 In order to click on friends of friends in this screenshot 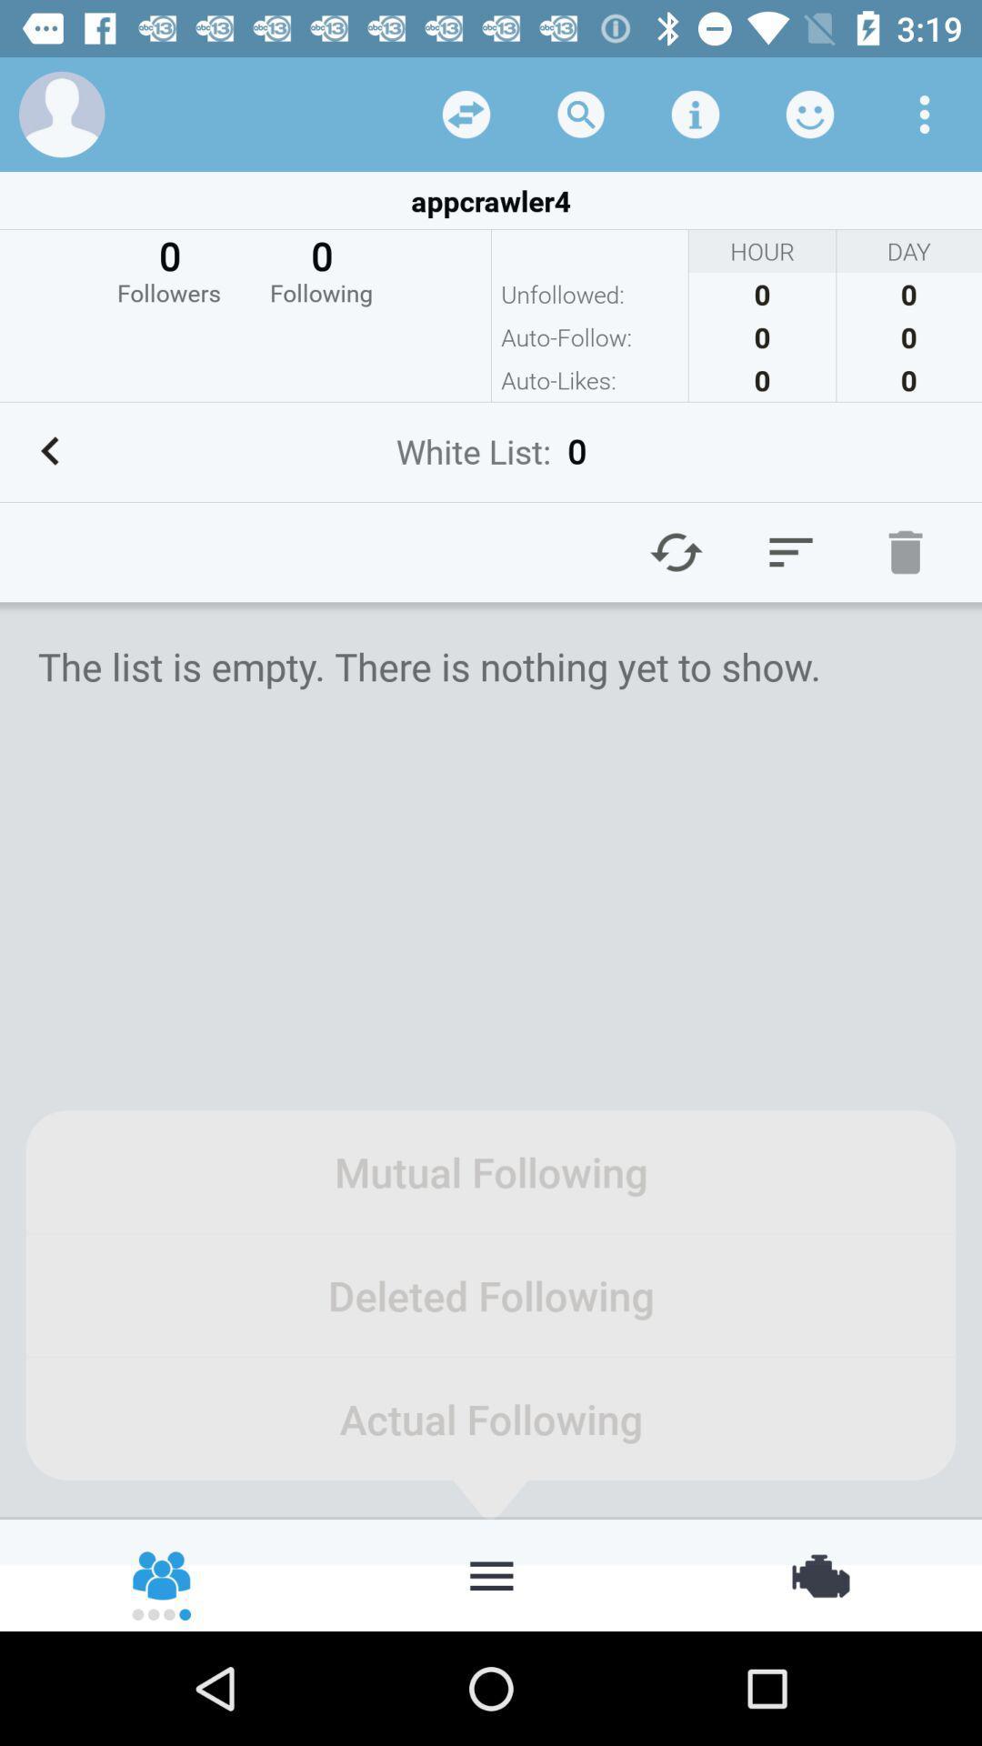, I will do `click(162, 1573)`.